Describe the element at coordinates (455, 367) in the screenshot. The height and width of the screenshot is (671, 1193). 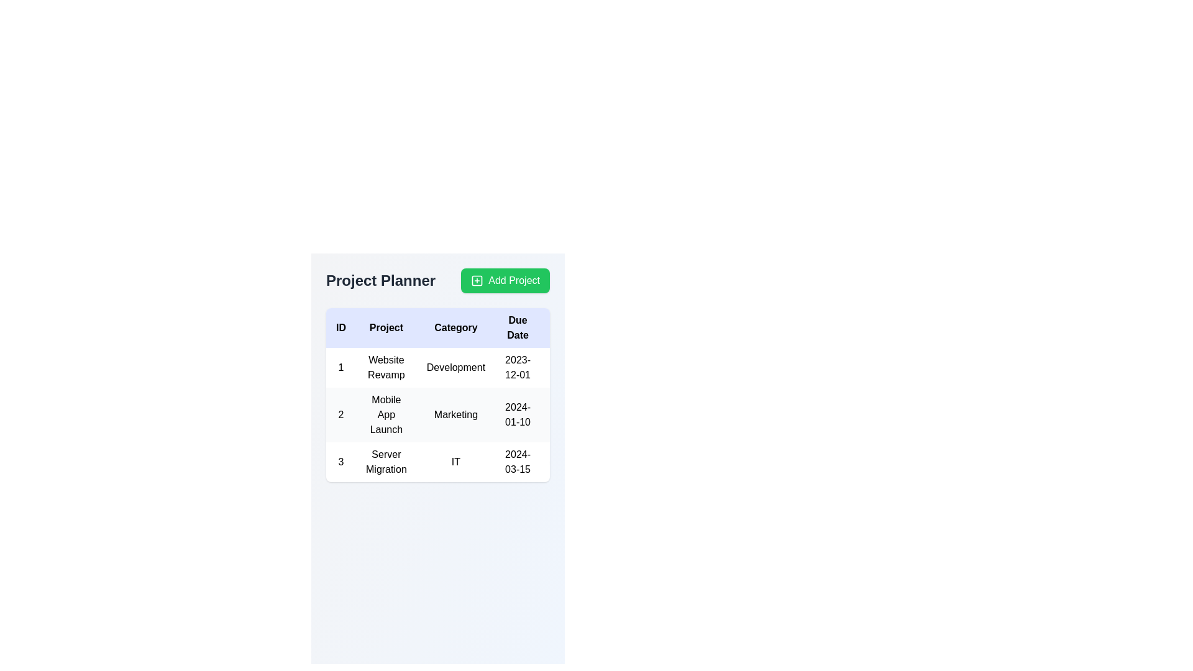
I see `the text label displaying 'Development' in the table cell under the 'Category' column` at that location.